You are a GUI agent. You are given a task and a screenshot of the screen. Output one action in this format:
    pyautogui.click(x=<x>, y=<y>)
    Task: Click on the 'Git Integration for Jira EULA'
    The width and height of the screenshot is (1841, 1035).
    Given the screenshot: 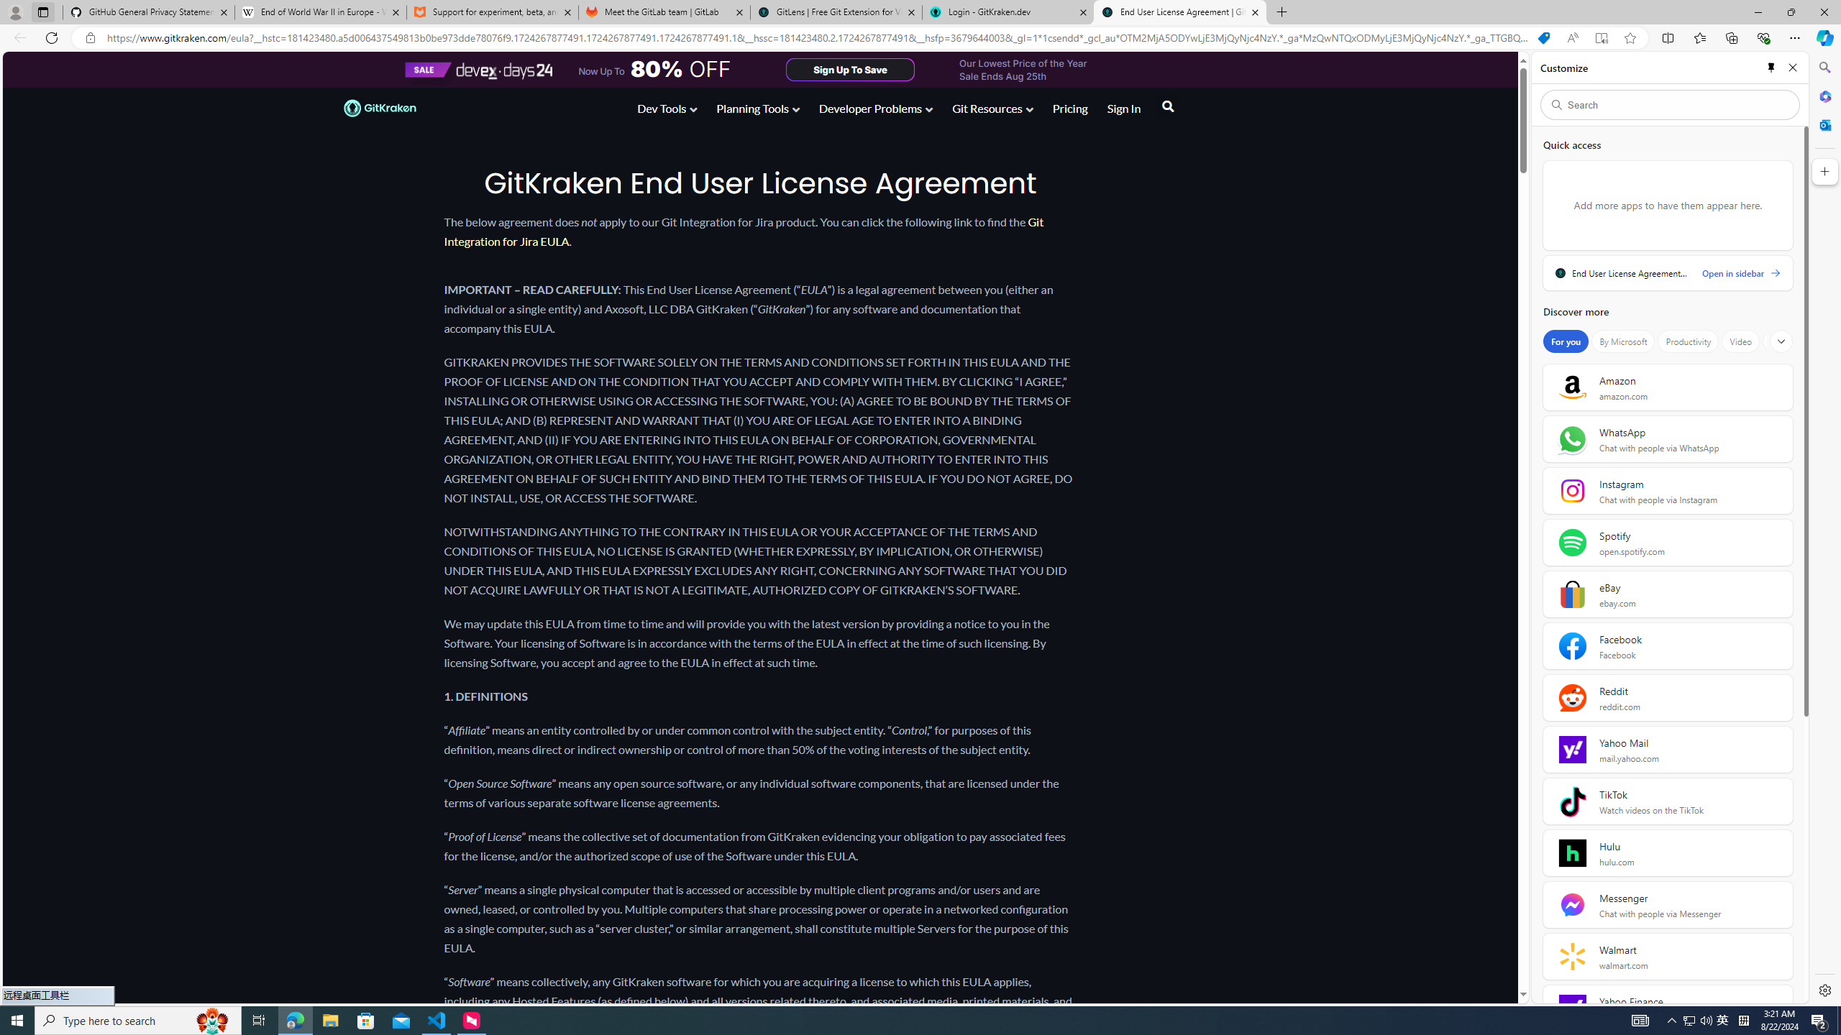 What is the action you would take?
    pyautogui.click(x=744, y=231)
    